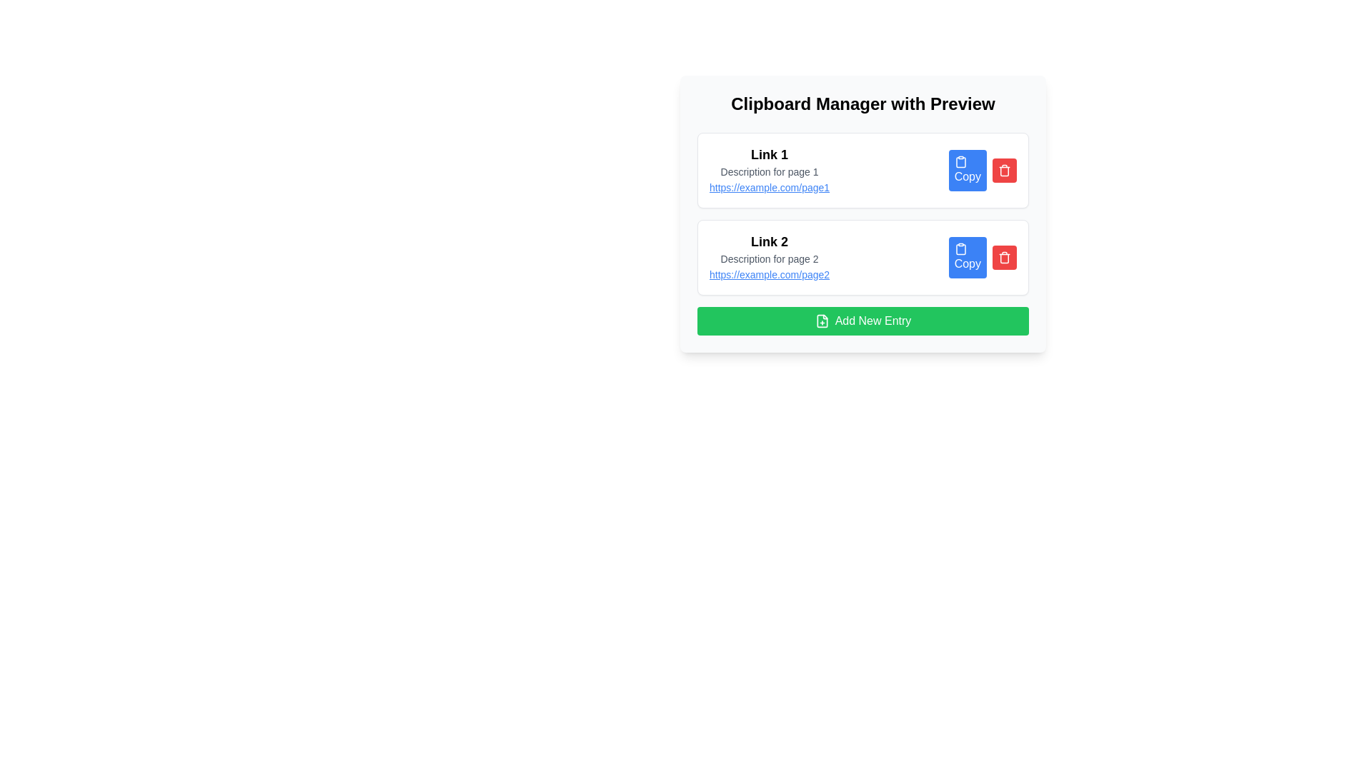  Describe the element at coordinates (967, 258) in the screenshot. I see `the button with an icon located to the right side of the entry containing 'Link 2'` at that location.